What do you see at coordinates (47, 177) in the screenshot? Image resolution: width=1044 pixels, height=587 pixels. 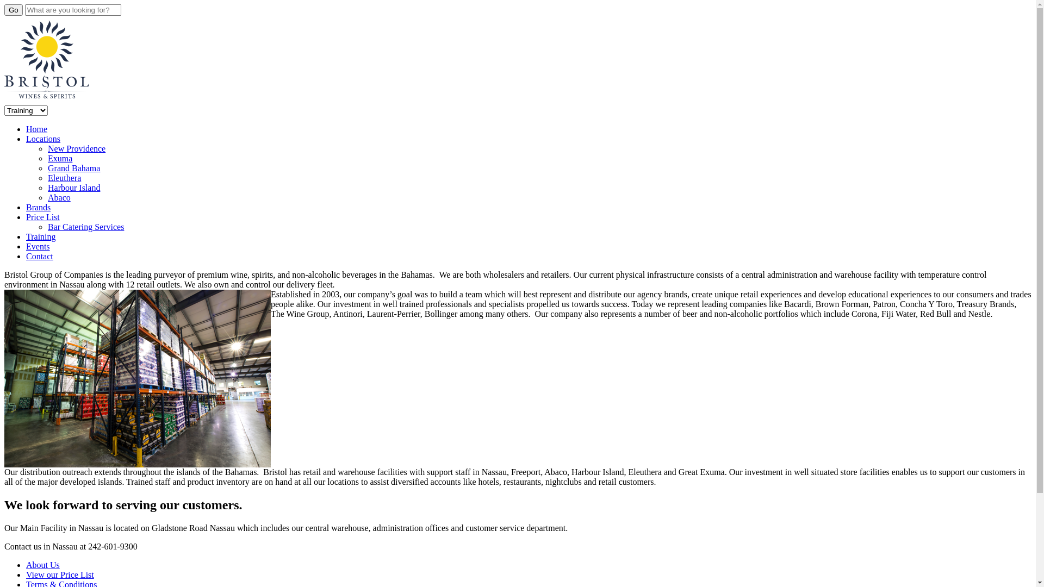 I see `'Eleuthera'` at bounding box center [47, 177].